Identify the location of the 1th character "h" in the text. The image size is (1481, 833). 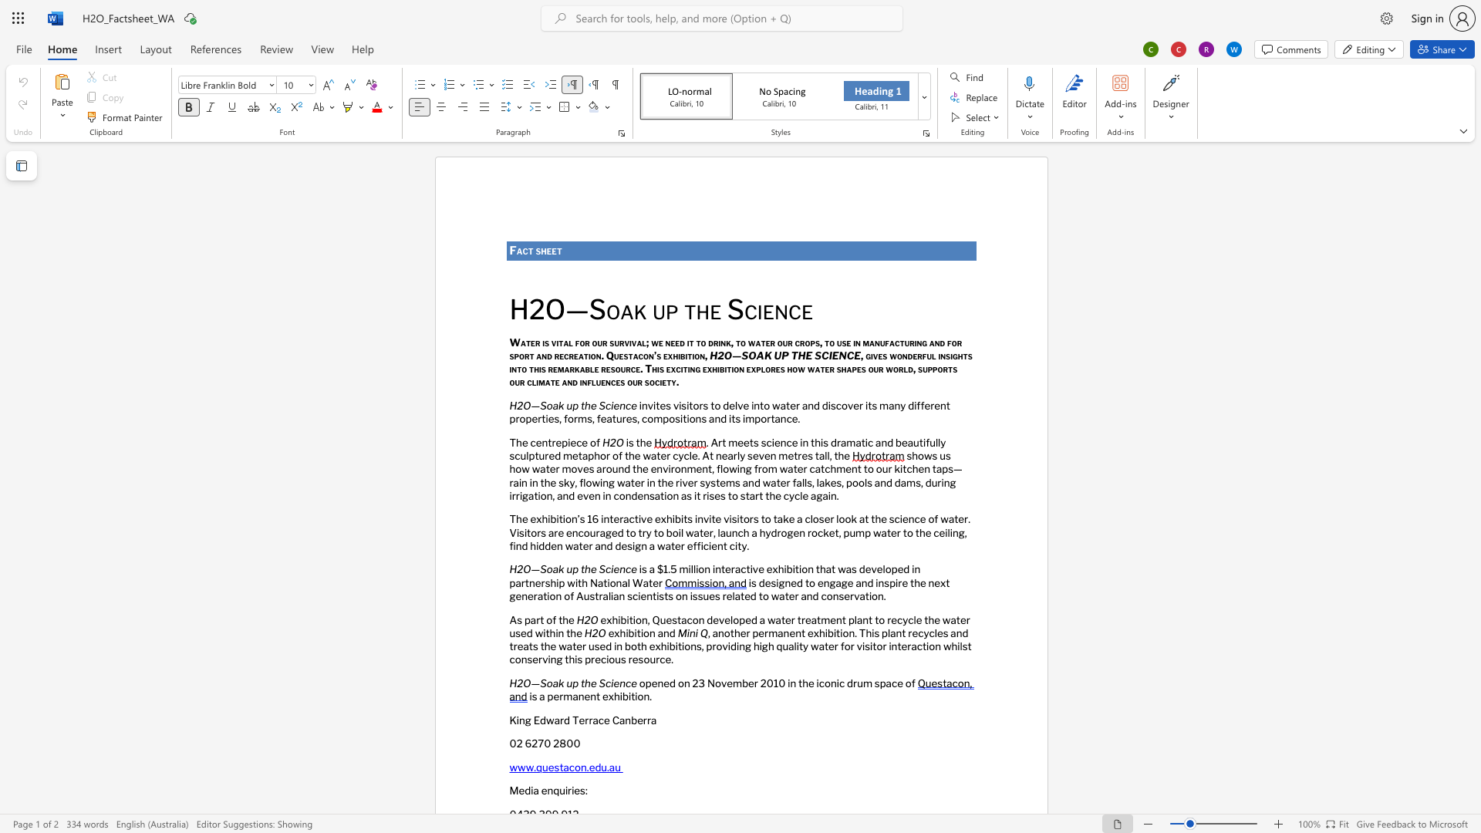
(544, 250).